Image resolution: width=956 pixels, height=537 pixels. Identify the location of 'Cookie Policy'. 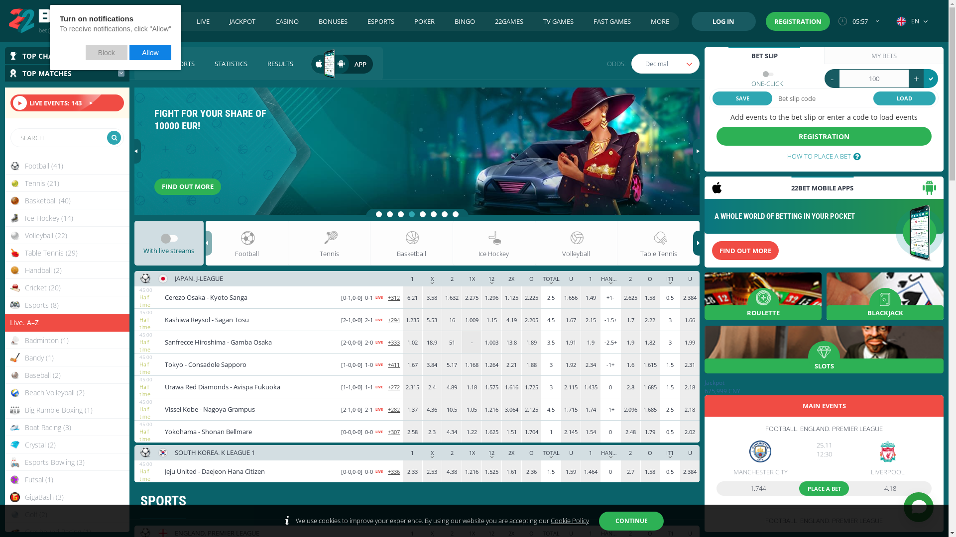
(550, 520).